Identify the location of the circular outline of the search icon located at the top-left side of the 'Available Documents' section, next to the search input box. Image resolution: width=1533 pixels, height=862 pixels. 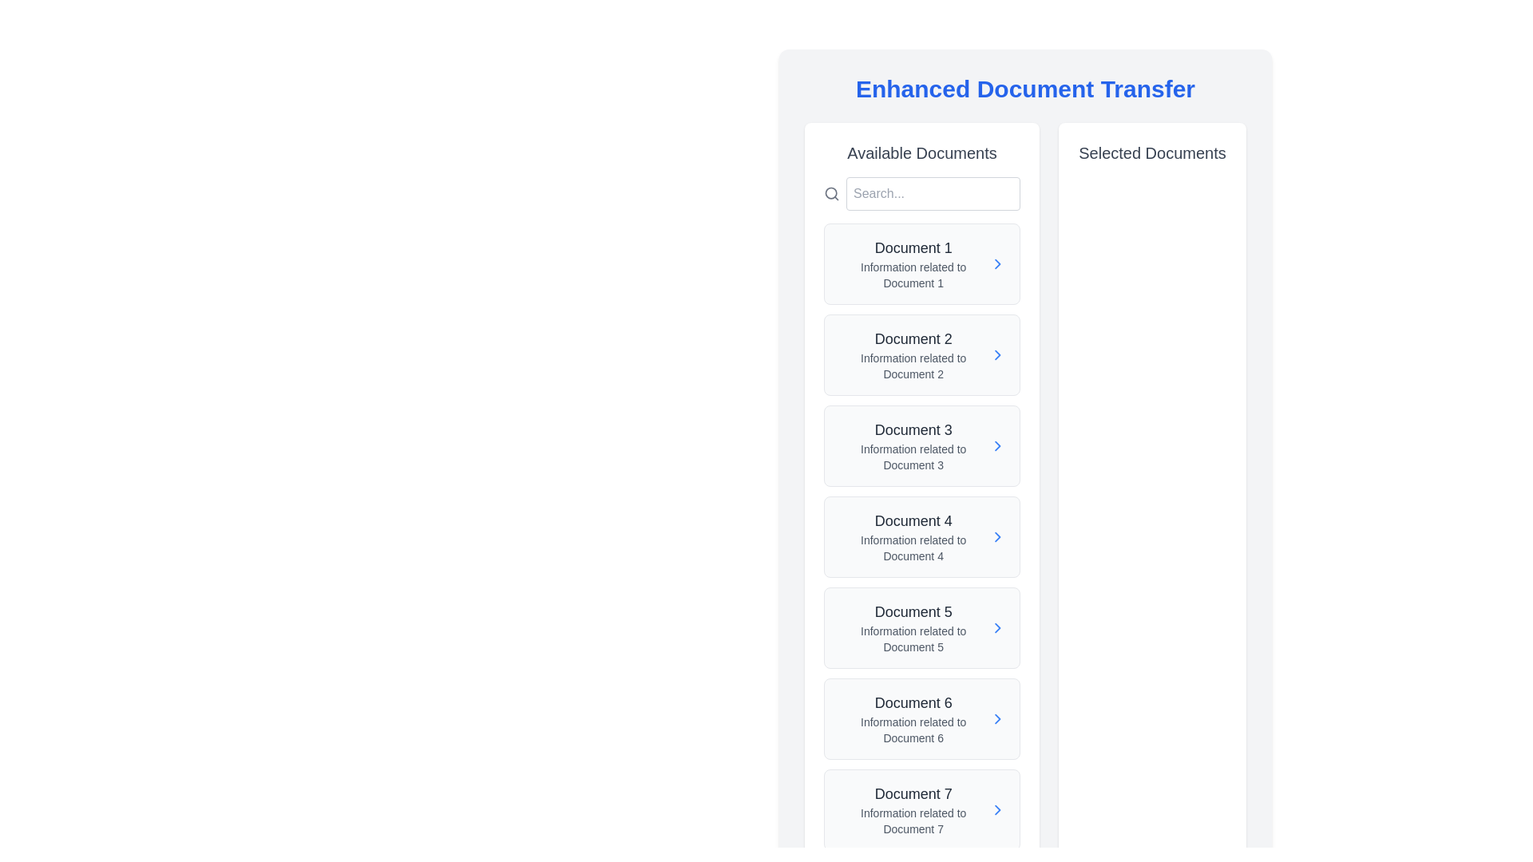
(830, 192).